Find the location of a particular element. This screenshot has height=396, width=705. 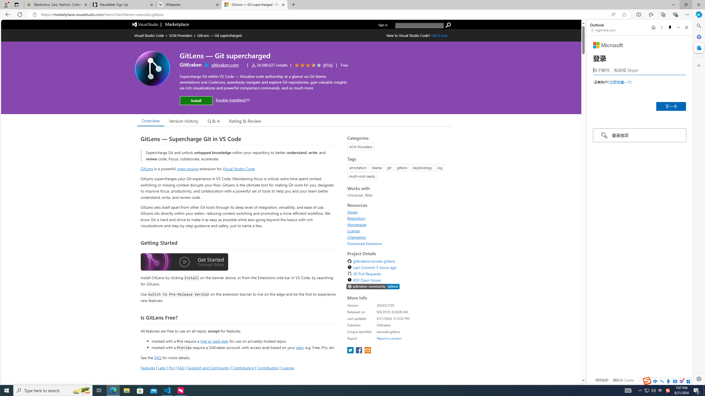

'More options' is located at coordinates (661, 27).